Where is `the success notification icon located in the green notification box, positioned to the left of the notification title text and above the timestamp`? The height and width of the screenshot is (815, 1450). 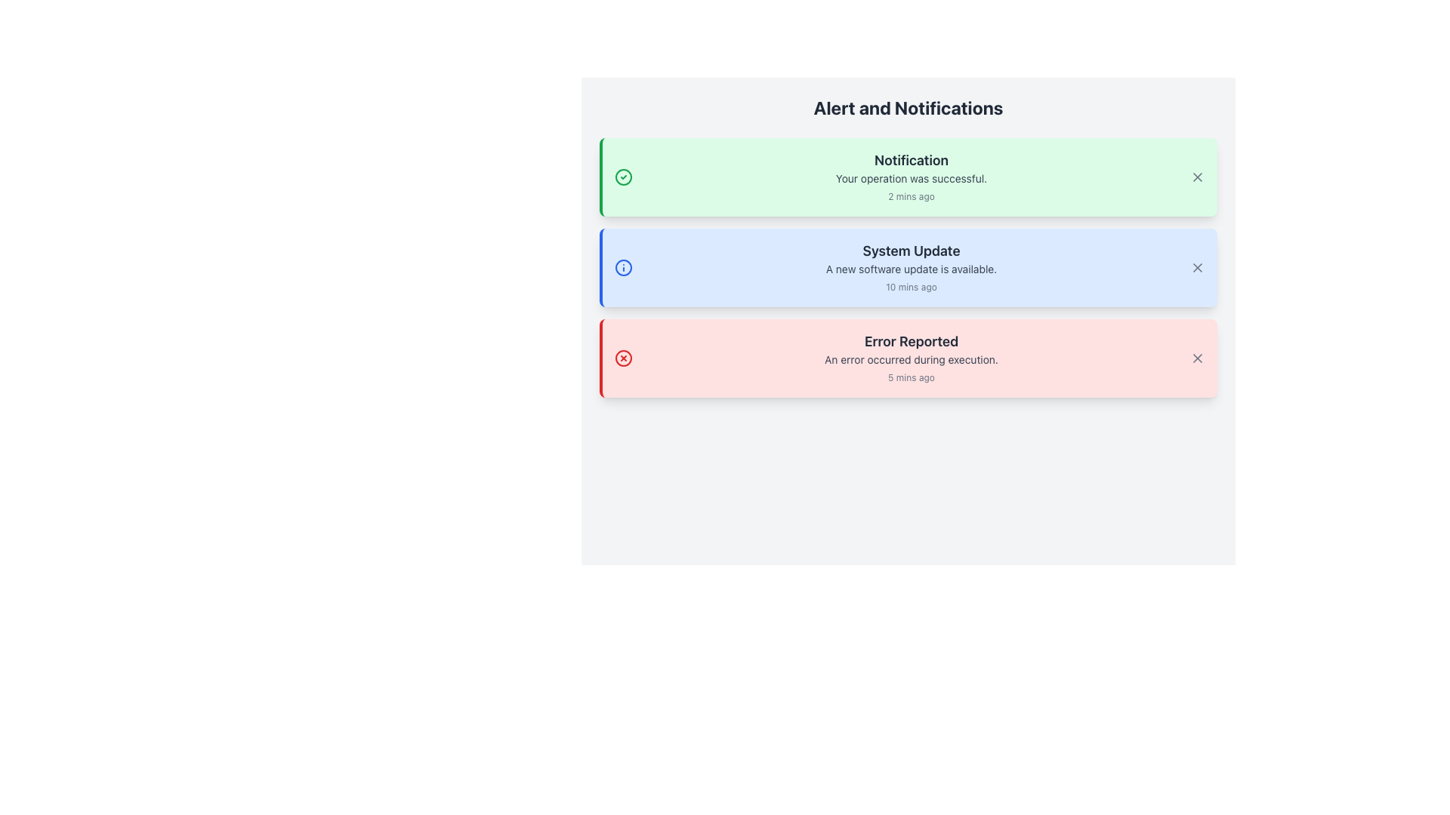 the success notification icon located in the green notification box, positioned to the left of the notification title text and above the timestamp is located at coordinates (623, 177).